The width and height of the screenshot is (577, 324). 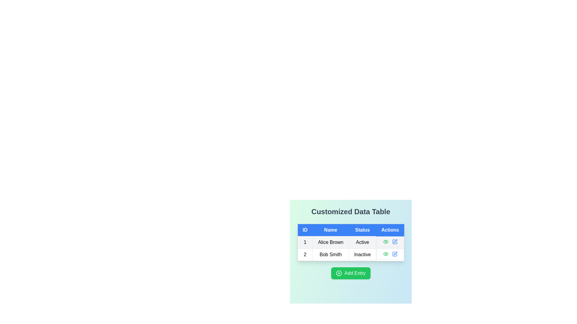 What do you see at coordinates (351, 248) in the screenshot?
I see `the second row in the data table containing the status indicator and action icons for viewing and editing functionalities` at bounding box center [351, 248].